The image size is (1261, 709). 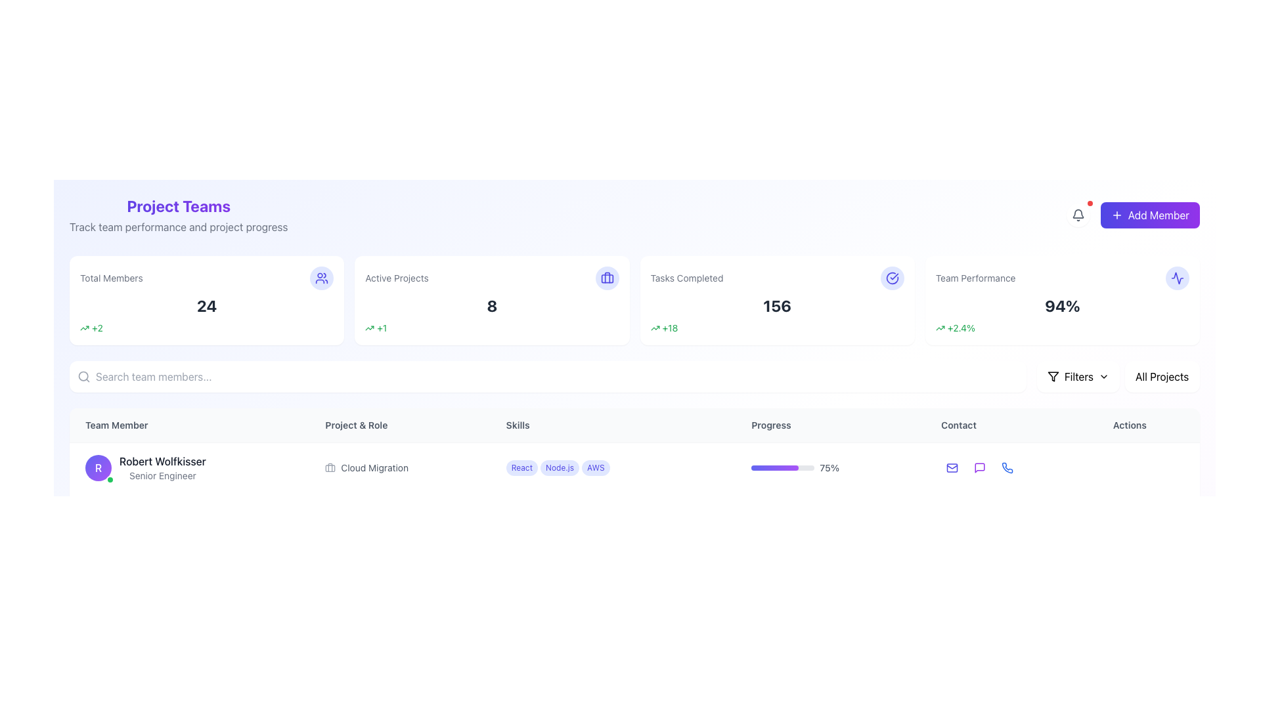 I want to click on the circular button with a light indigo background and a checkmark icon, located in the top-right corner of the 'Tasks Completed' card, so click(x=892, y=278).